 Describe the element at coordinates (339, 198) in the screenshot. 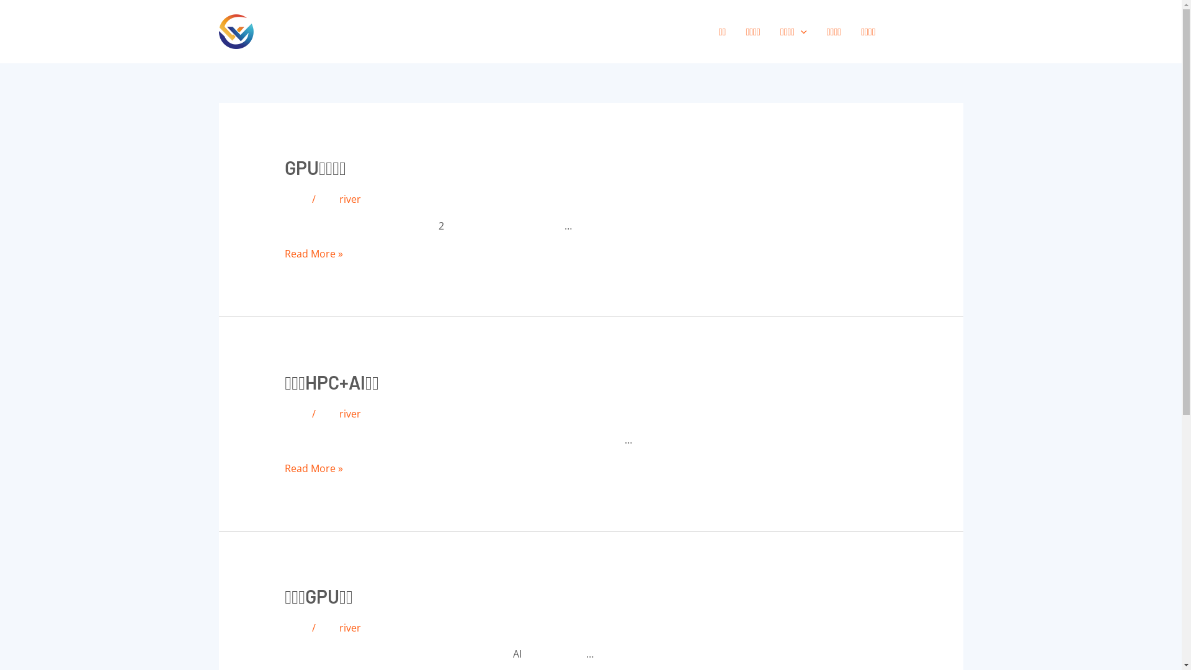

I see `'river'` at that location.